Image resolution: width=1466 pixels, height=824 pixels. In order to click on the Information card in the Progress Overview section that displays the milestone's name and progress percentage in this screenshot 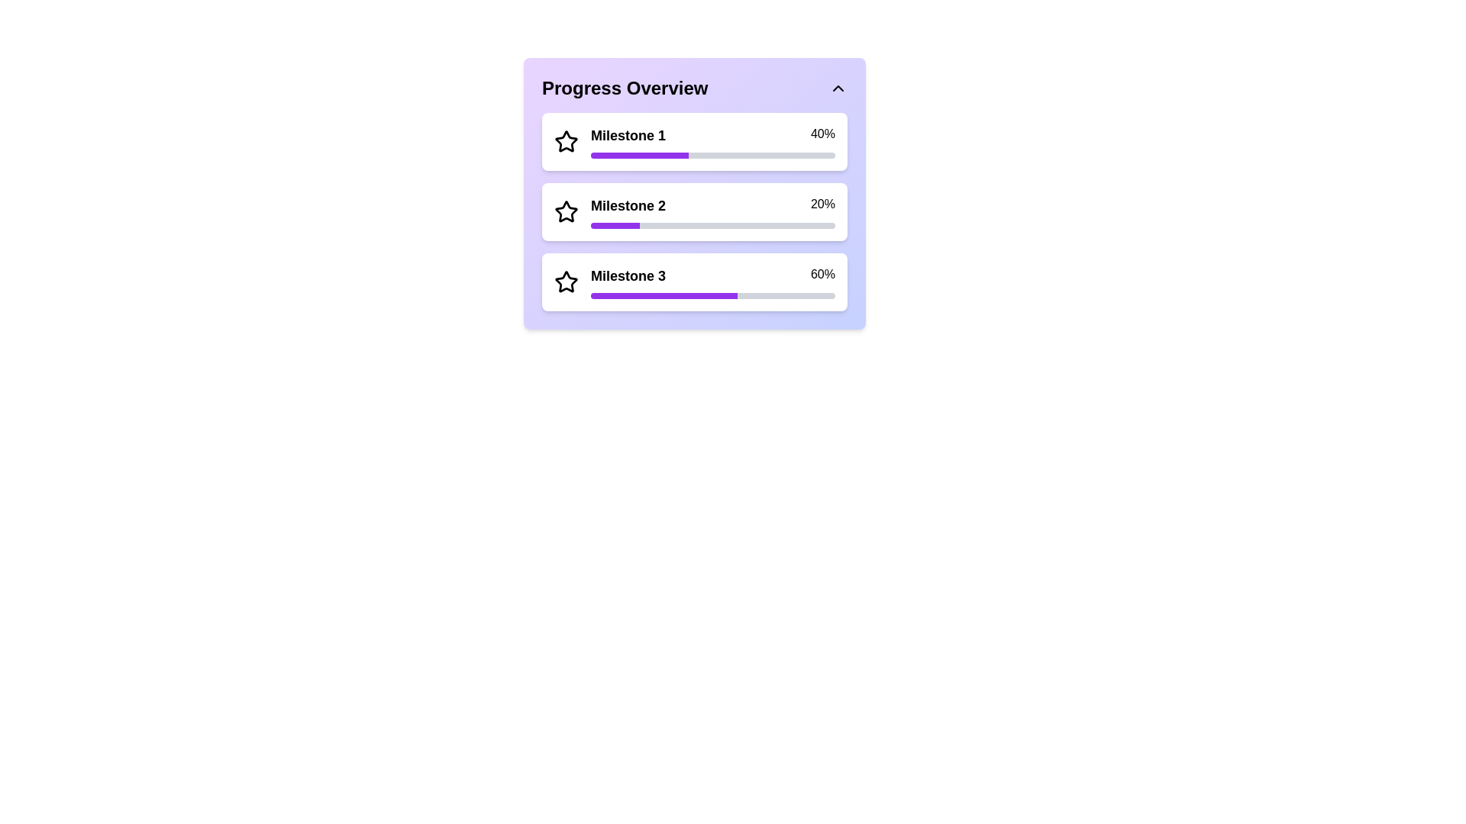, I will do `click(694, 141)`.